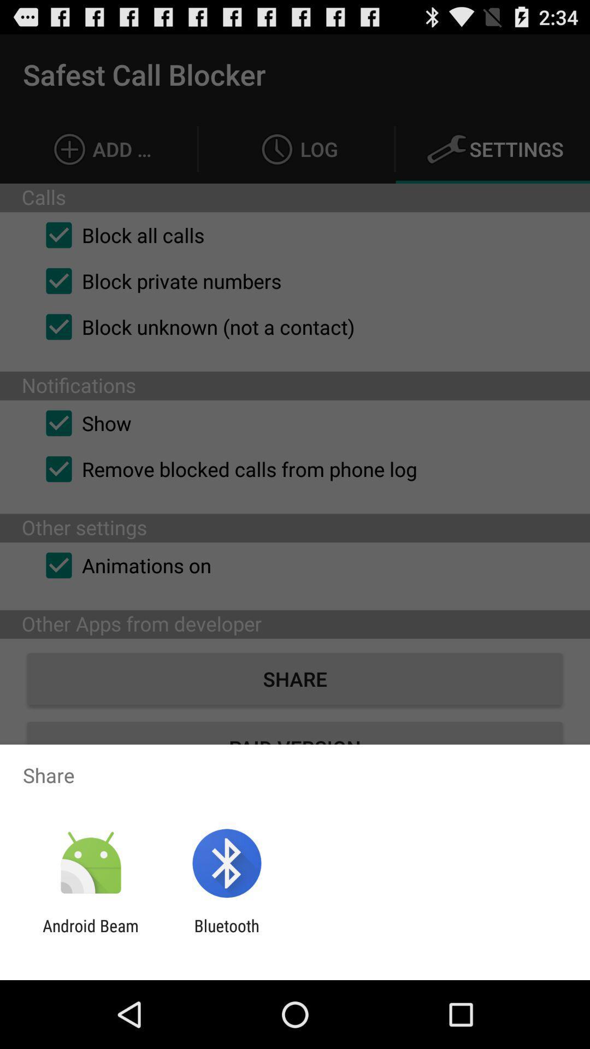  What do you see at coordinates (226, 935) in the screenshot?
I see `the app to the right of the android beam app` at bounding box center [226, 935].